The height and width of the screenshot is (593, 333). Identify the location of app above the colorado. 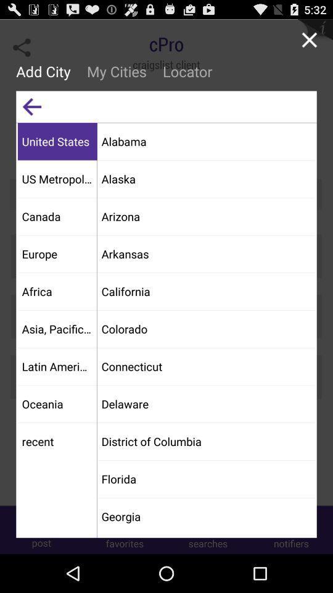
(206, 291).